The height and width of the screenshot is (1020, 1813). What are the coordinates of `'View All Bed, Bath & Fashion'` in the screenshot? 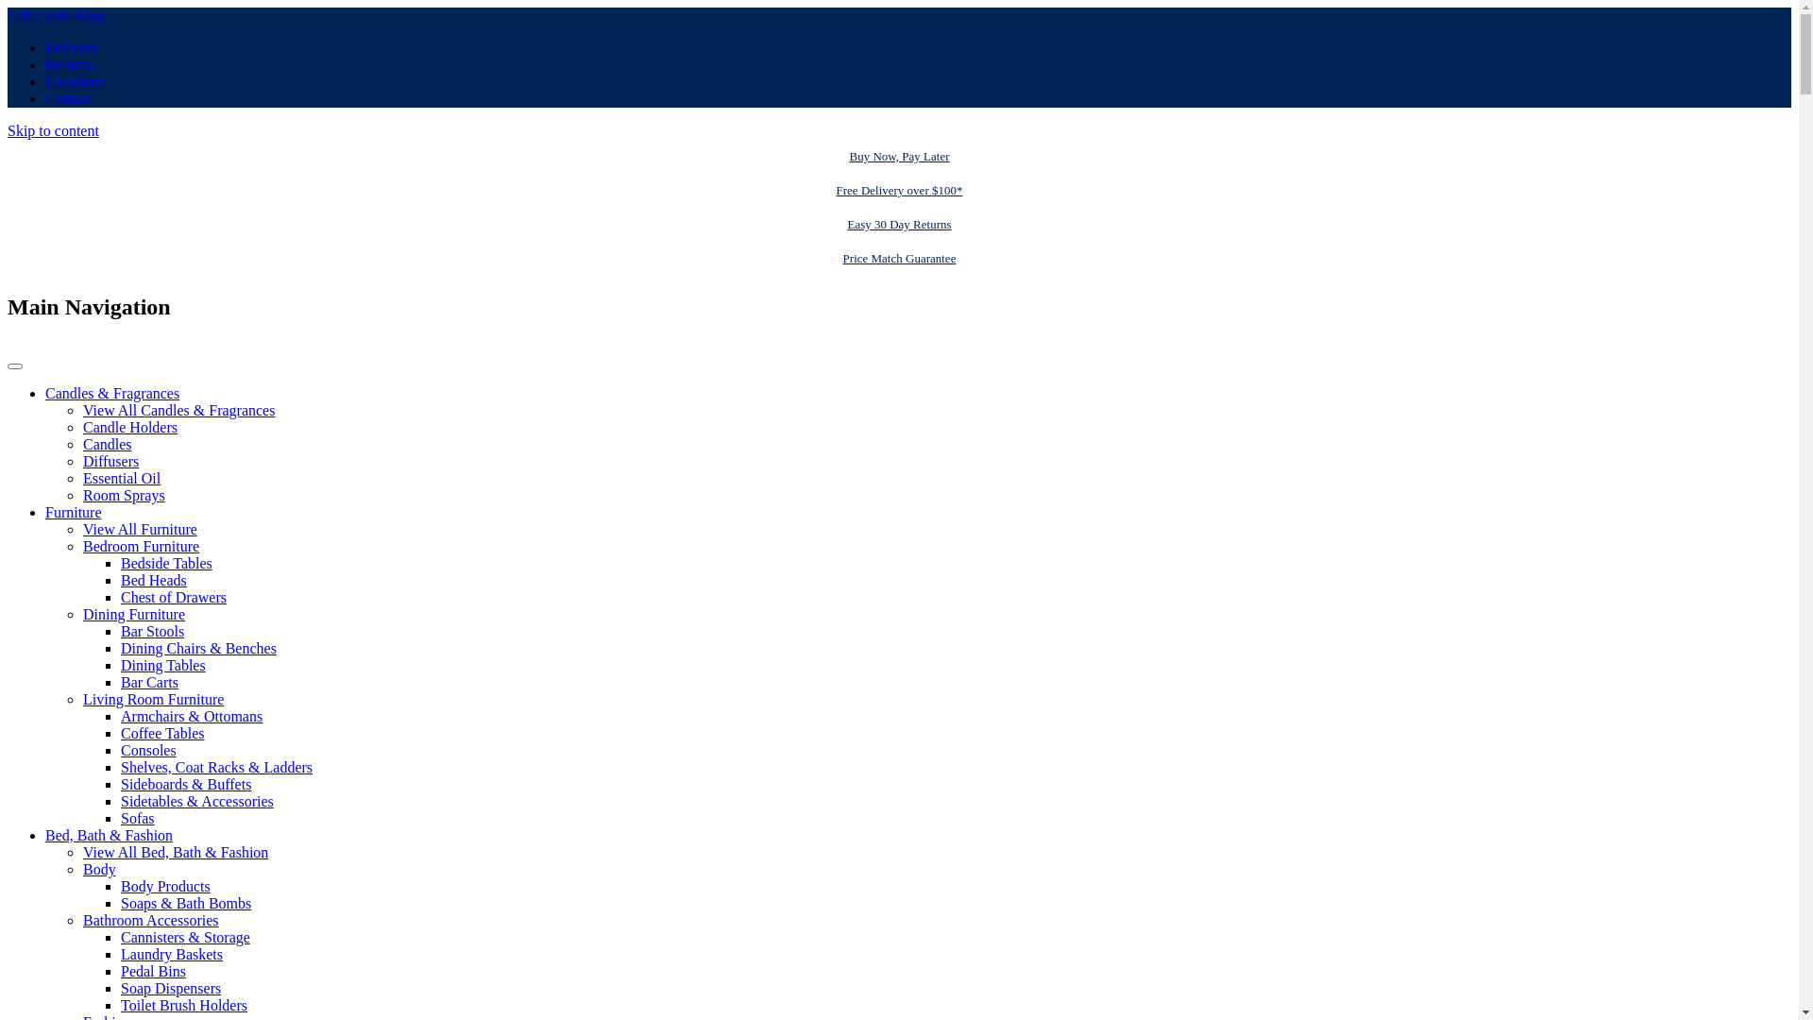 It's located at (176, 852).